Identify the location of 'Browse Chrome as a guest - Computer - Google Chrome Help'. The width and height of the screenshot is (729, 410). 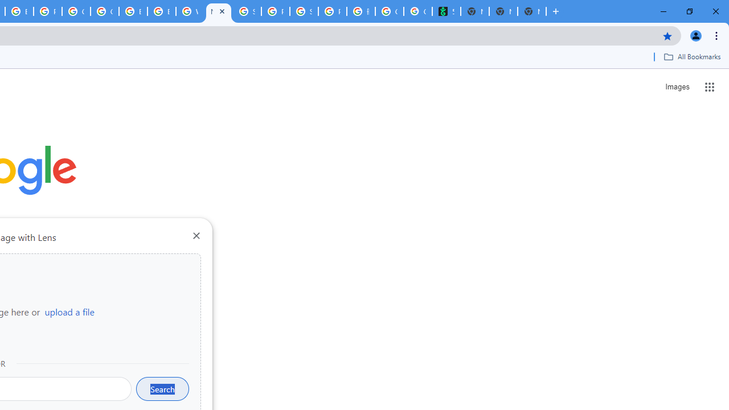
(161, 11).